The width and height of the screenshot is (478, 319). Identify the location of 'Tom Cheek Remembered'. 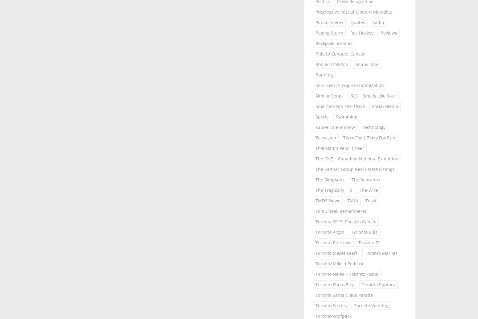
(341, 211).